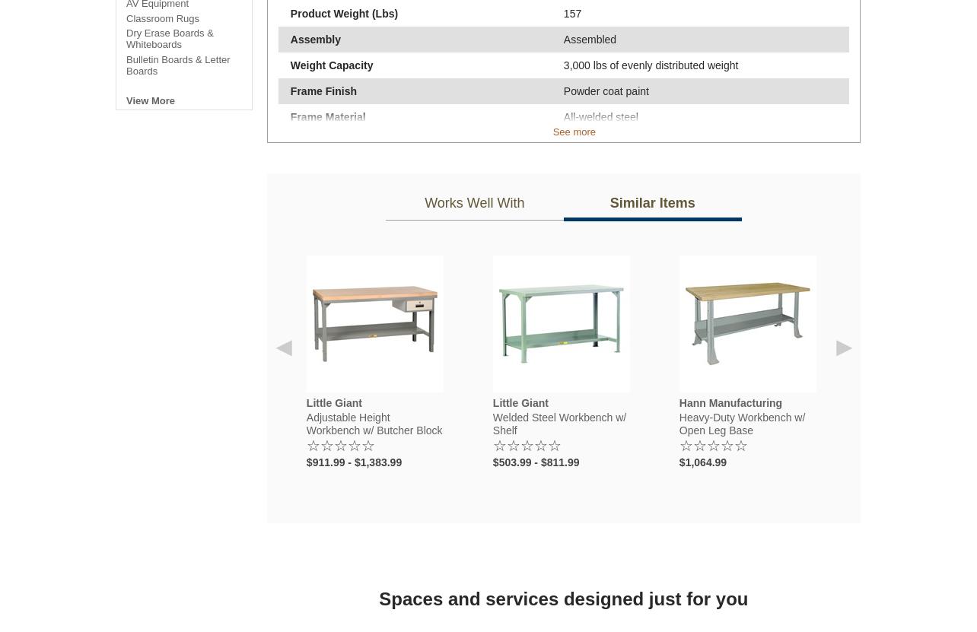  I want to click on 'Assembly', so click(315, 39).